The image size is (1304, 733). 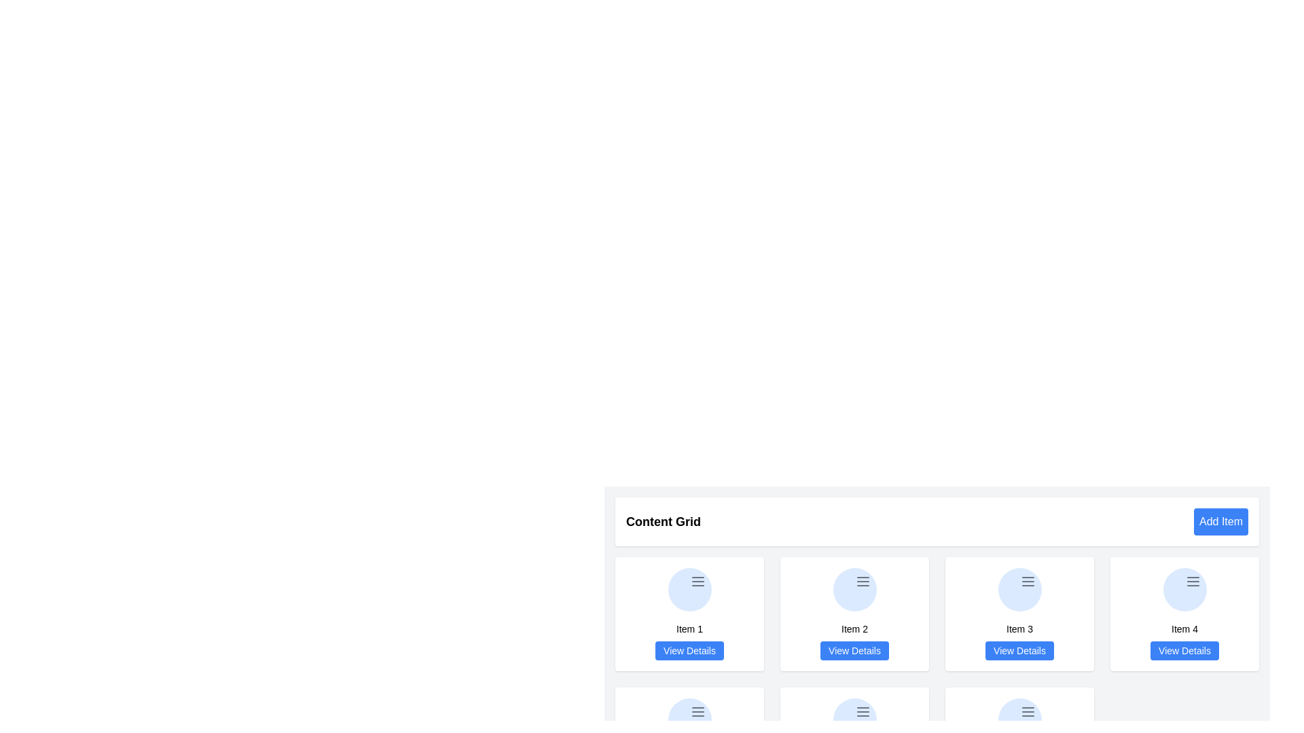 What do you see at coordinates (854, 650) in the screenshot?
I see `the button at the bottom center of the card labeled 'Item 2'` at bounding box center [854, 650].